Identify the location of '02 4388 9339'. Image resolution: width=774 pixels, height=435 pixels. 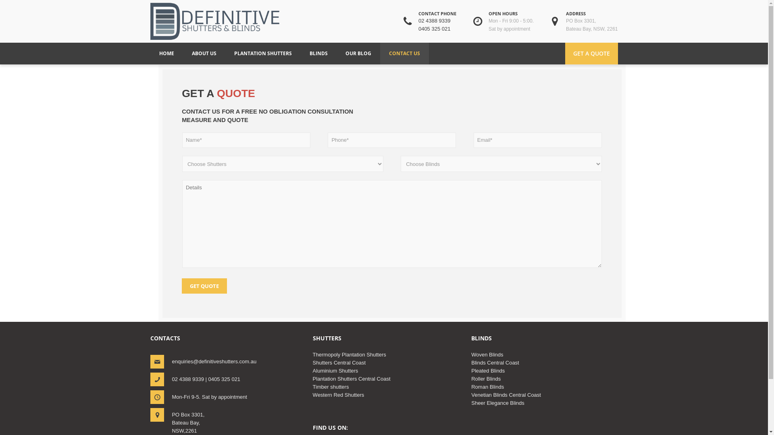
(434, 20).